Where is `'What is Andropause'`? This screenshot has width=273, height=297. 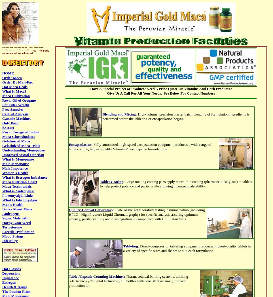
'What is Andropause' is located at coordinates (18, 191).